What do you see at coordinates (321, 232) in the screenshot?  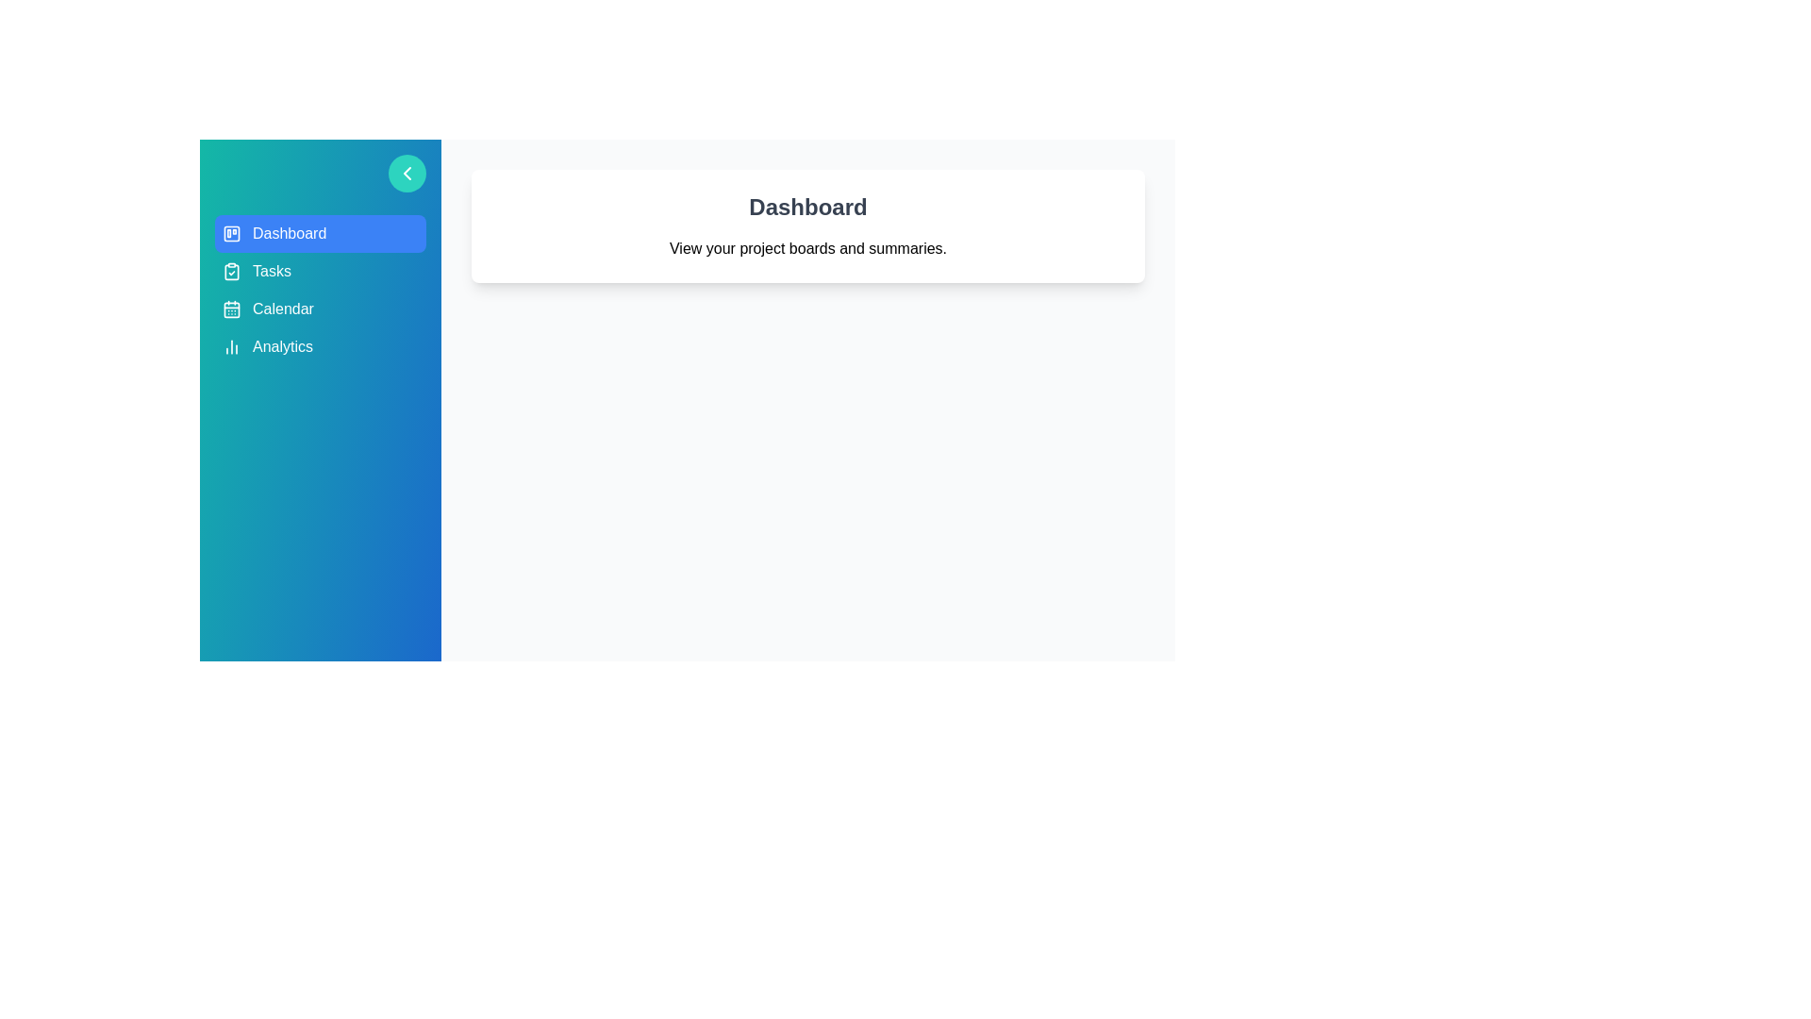 I see `the Navigation Button located at the top of the vertical navigation menu on the left side of the interface, which redirects to the 'Dashboard' page` at bounding box center [321, 232].